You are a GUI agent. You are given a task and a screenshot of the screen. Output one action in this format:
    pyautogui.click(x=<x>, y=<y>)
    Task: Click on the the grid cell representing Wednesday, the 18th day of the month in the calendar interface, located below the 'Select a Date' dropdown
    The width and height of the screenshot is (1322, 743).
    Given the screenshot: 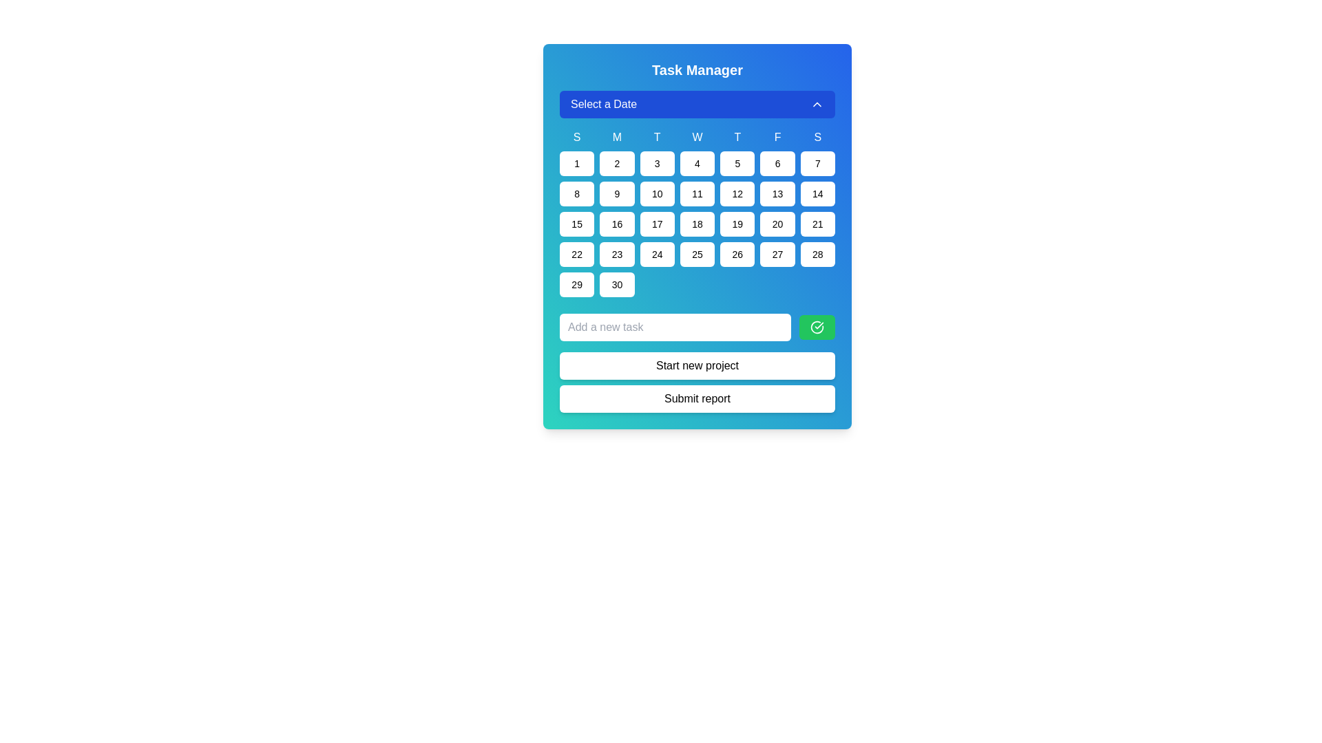 What is the action you would take?
    pyautogui.click(x=697, y=213)
    